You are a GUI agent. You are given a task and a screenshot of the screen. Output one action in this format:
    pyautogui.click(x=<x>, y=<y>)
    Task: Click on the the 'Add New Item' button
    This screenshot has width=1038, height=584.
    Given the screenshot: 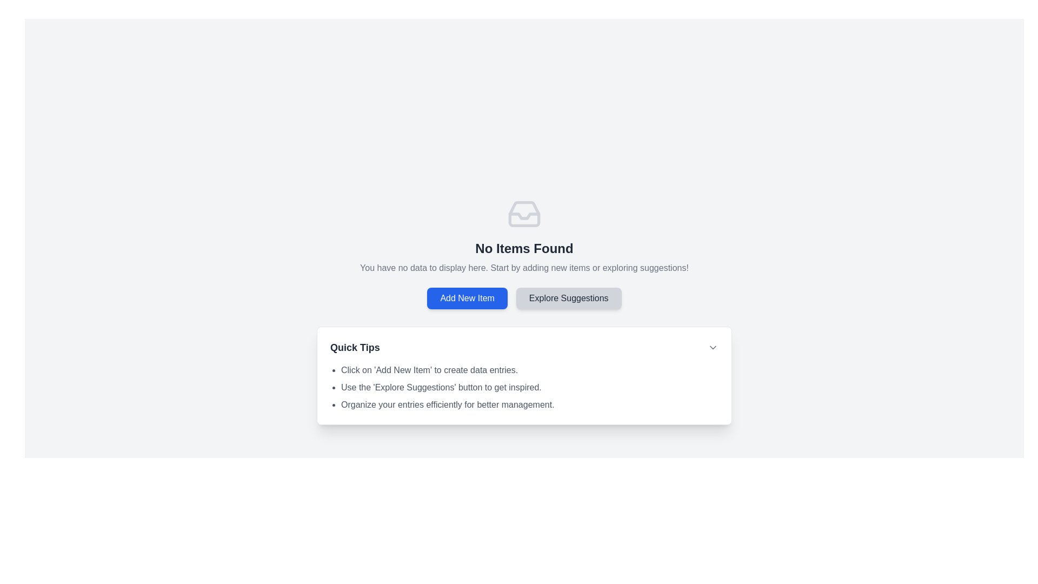 What is the action you would take?
    pyautogui.click(x=467, y=298)
    